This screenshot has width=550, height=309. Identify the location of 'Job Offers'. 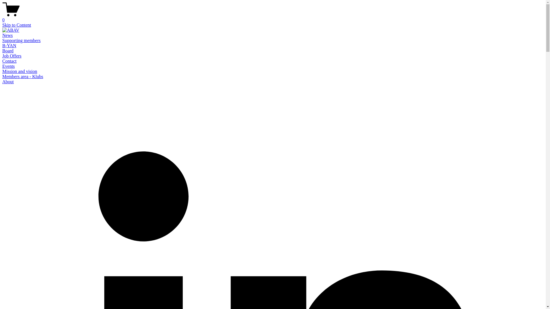
(12, 56).